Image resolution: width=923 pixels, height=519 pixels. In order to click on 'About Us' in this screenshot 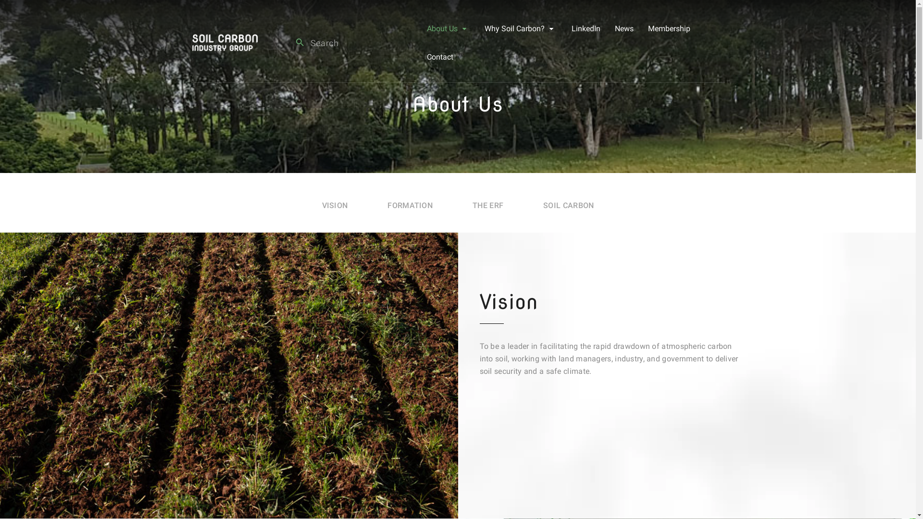, I will do `click(442, 28)`.